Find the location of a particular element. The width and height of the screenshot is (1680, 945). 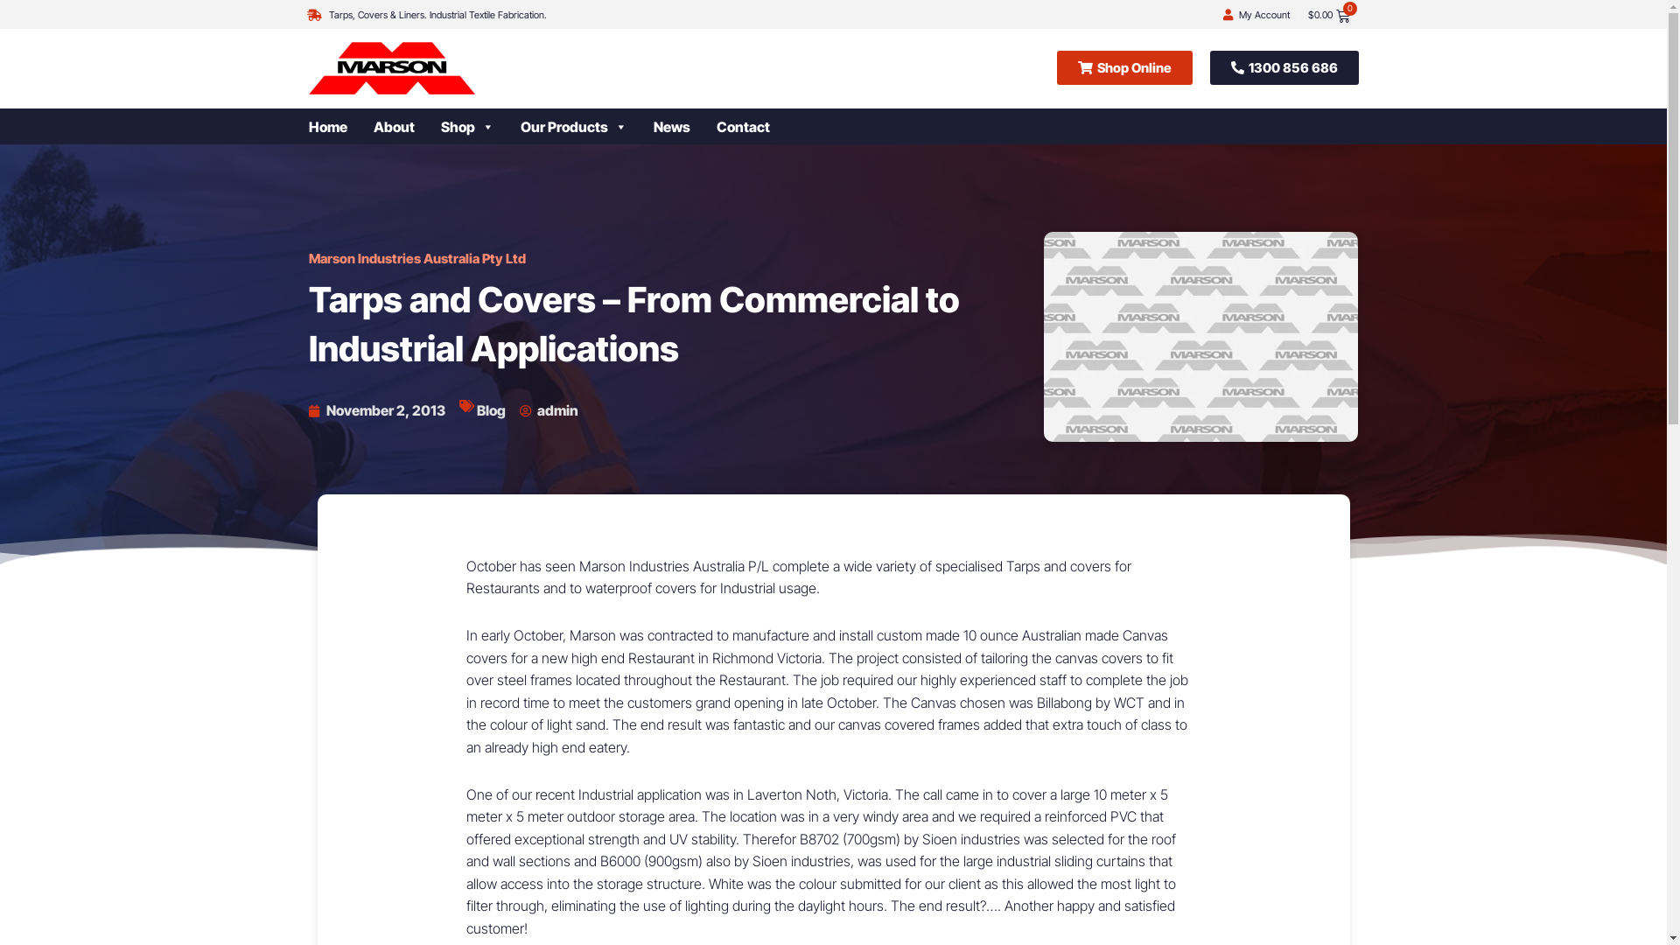

'News' is located at coordinates (683, 126).